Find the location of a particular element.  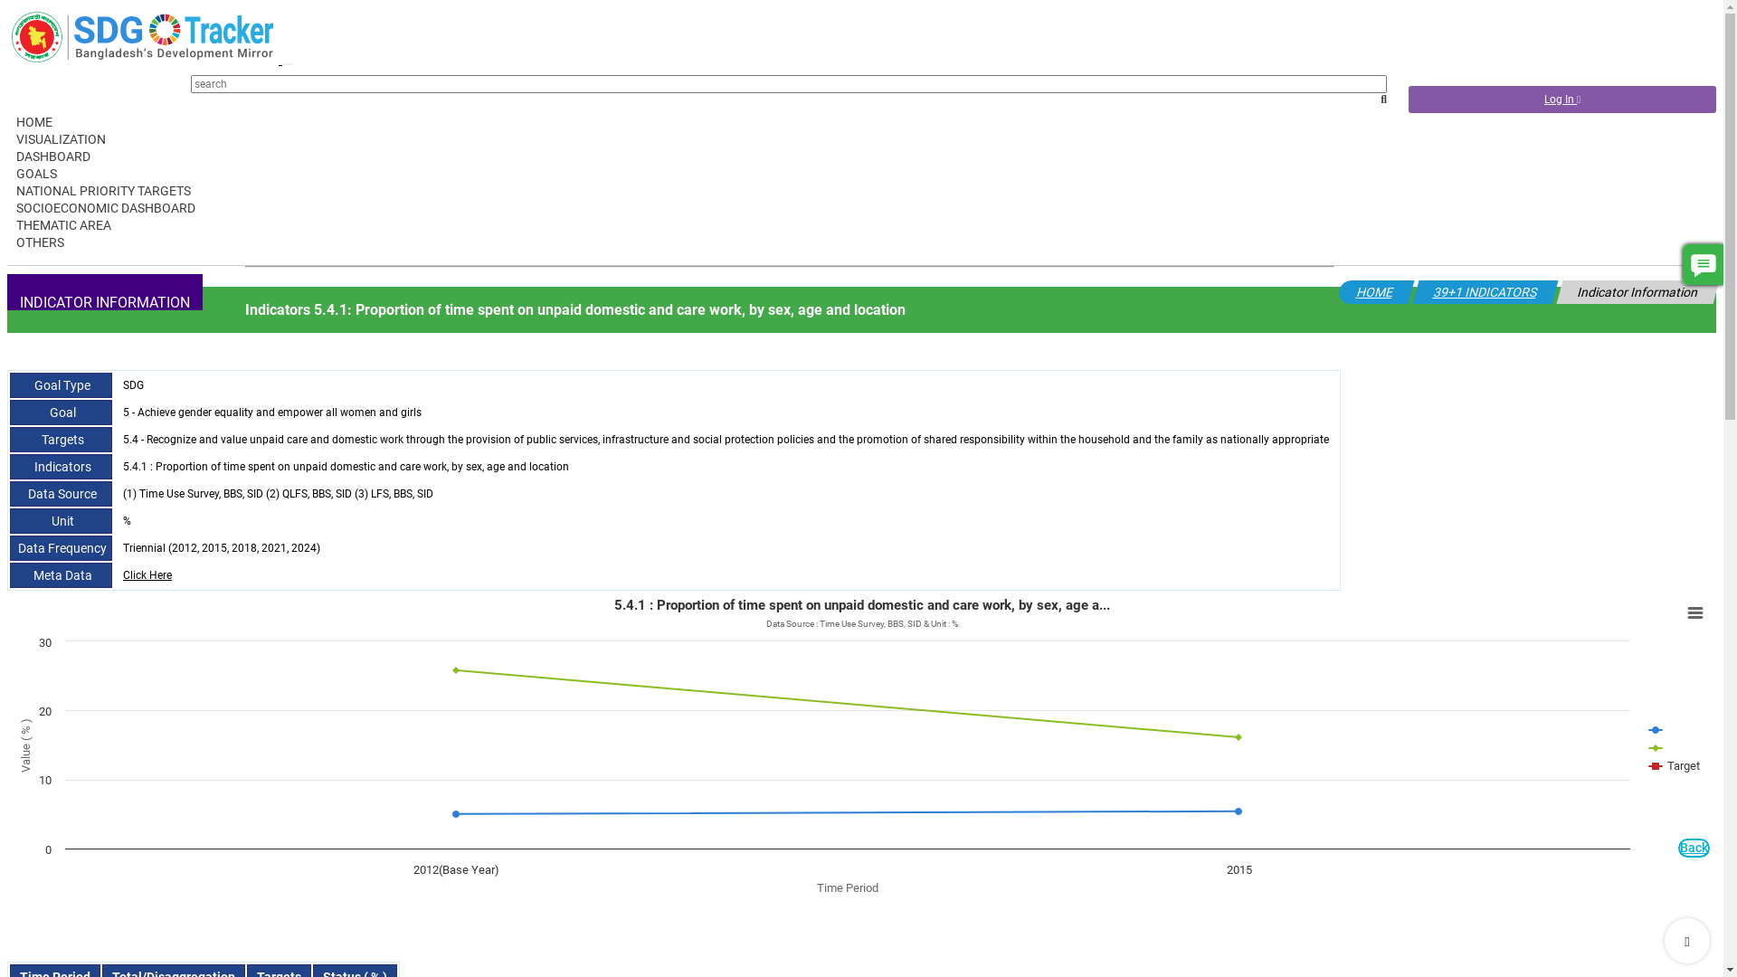

'Back' is located at coordinates (1693, 848).